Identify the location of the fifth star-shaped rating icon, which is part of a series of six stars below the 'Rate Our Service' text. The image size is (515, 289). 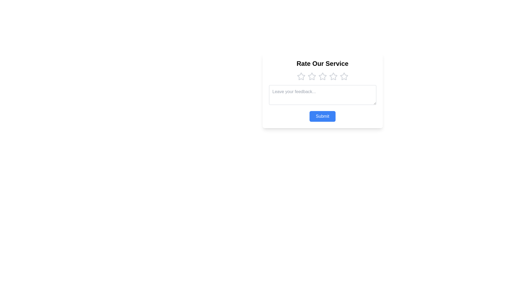
(333, 76).